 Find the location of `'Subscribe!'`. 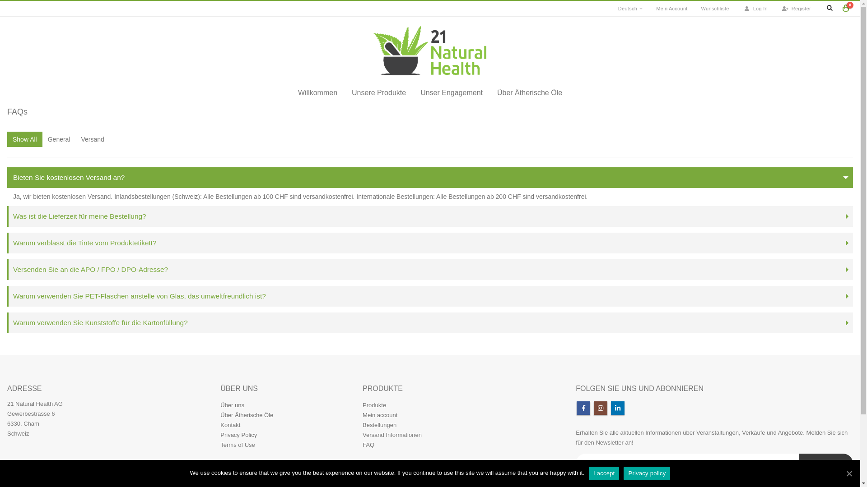

'Subscribe!' is located at coordinates (825, 464).